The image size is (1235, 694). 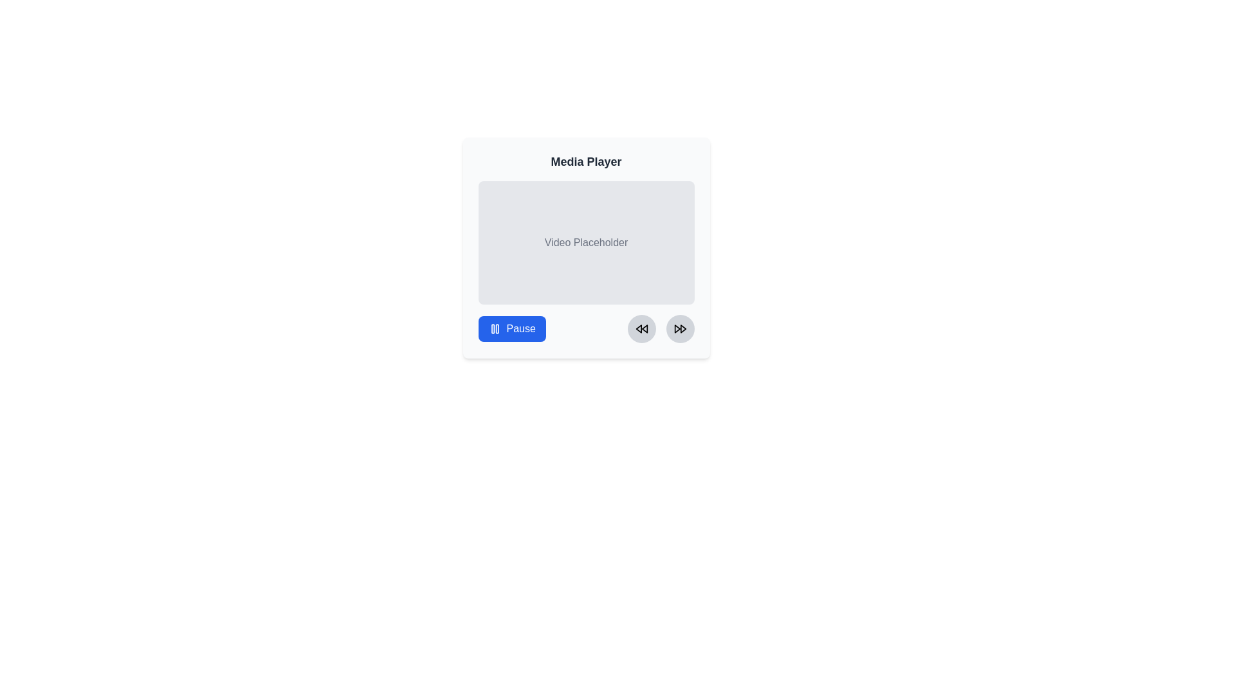 I want to click on the left segment of the 'pause' icon in the media player interface, which is located near the bottom center adjacent to the 'Pause' button, so click(x=492, y=328).